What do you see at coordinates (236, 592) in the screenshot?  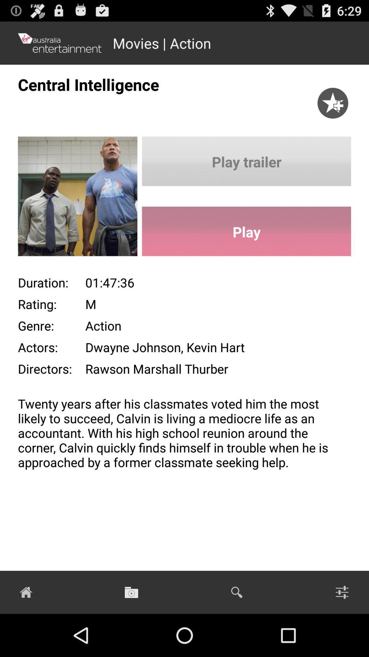 I see `the search button on the web page` at bounding box center [236, 592].